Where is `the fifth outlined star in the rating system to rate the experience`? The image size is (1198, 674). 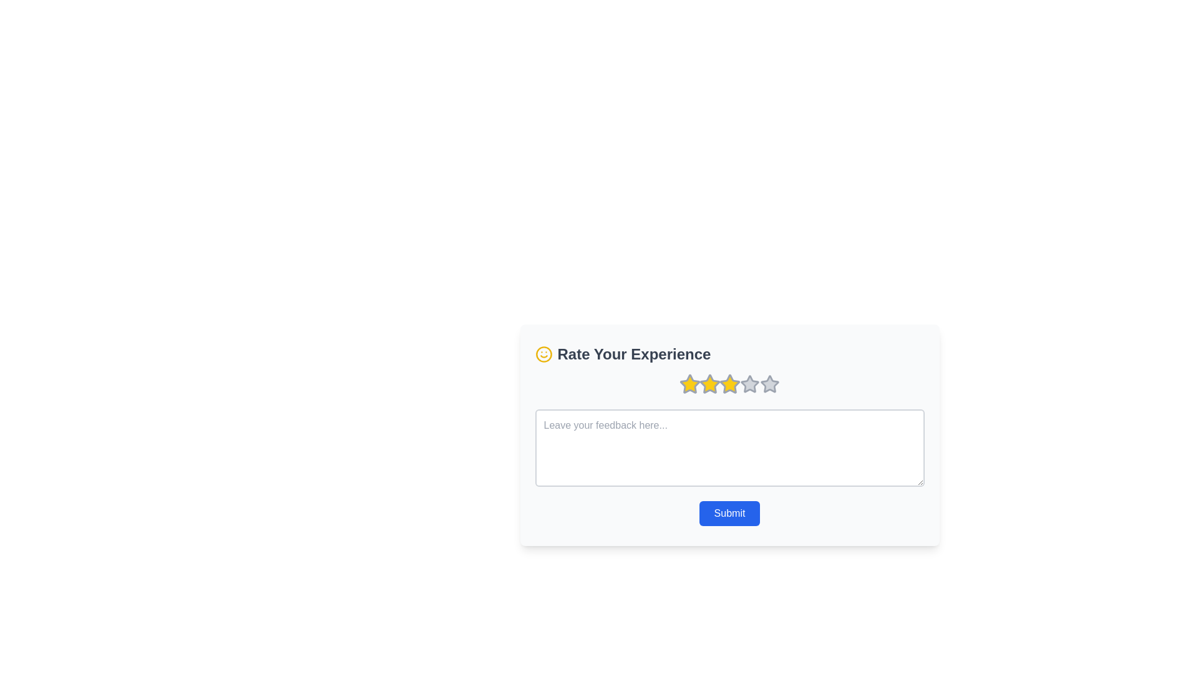 the fifth outlined star in the rating system to rate the experience is located at coordinates (749, 384).